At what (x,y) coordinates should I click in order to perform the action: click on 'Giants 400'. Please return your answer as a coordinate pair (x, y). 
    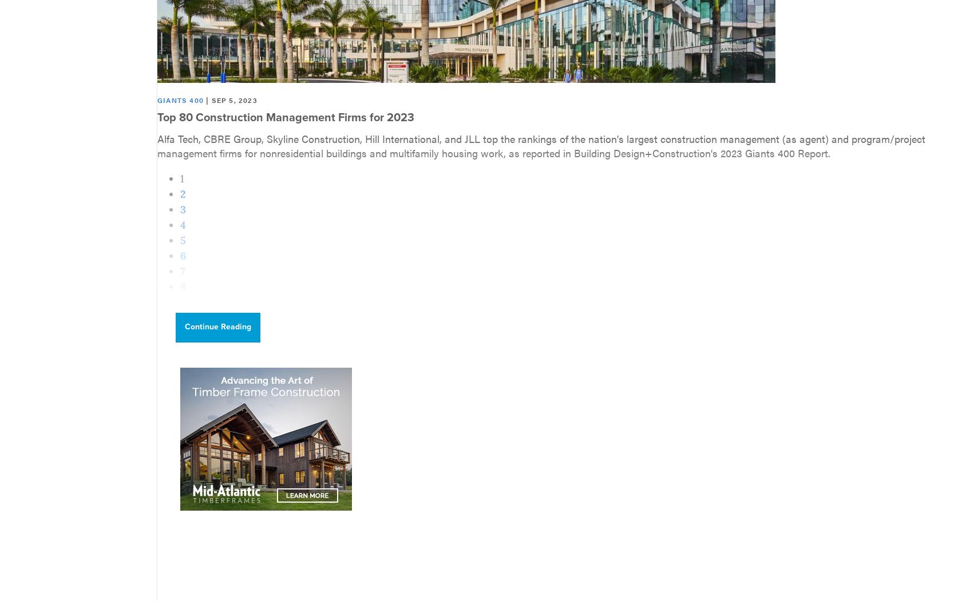
    Looking at the image, I should click on (180, 99).